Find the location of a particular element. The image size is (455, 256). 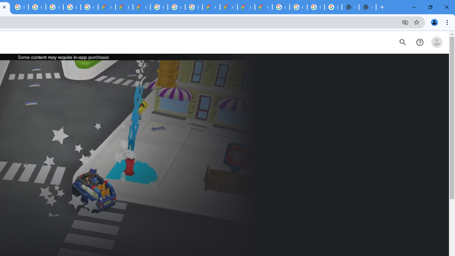

'Google Cloud Pricing Calculator' is located at coordinates (229, 7).